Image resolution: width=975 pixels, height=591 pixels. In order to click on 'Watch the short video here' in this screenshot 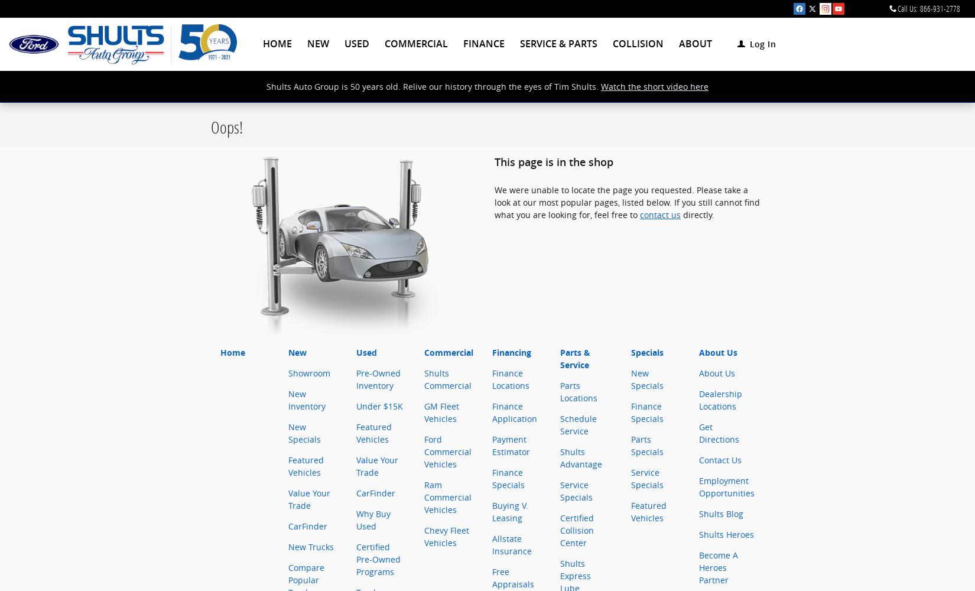, I will do `click(654, 86)`.